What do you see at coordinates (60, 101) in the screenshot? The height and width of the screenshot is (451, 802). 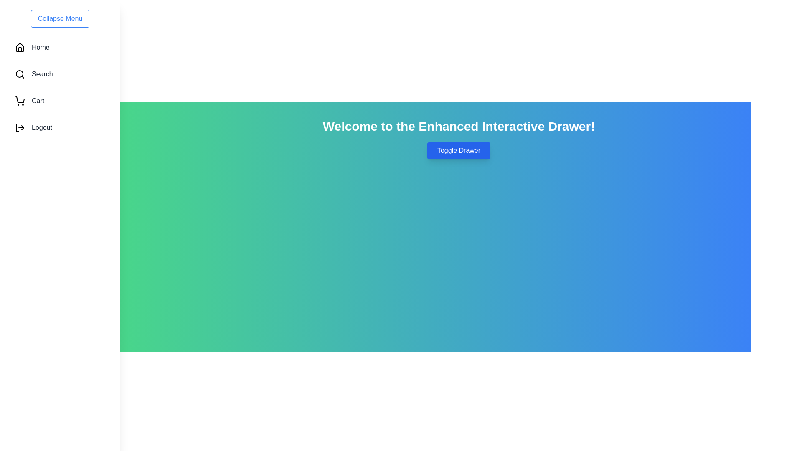 I see `the 'Cart' menu item in the drawer` at bounding box center [60, 101].